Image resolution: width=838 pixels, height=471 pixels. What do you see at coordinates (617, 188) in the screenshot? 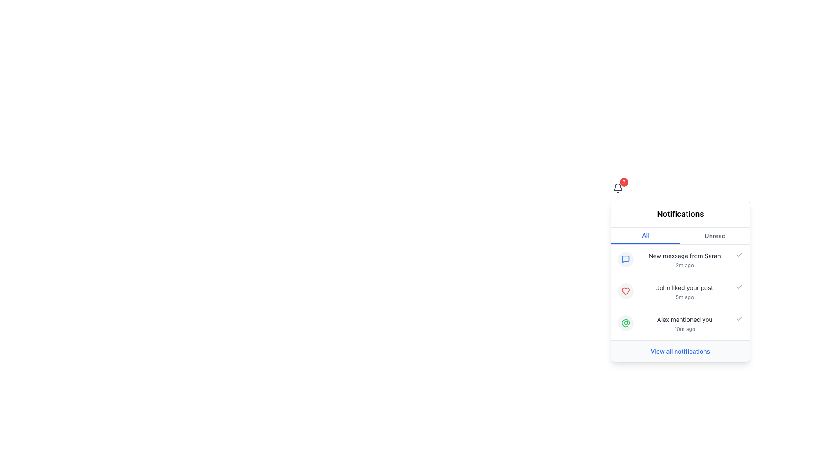
I see `the bell icon located in the top-right corner of the notification toggle, which signifies notifications` at bounding box center [617, 188].